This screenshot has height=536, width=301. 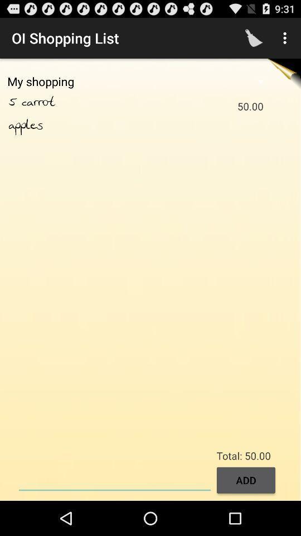 What do you see at coordinates (50, 102) in the screenshot?
I see `icon to the right of 5  icon` at bounding box center [50, 102].